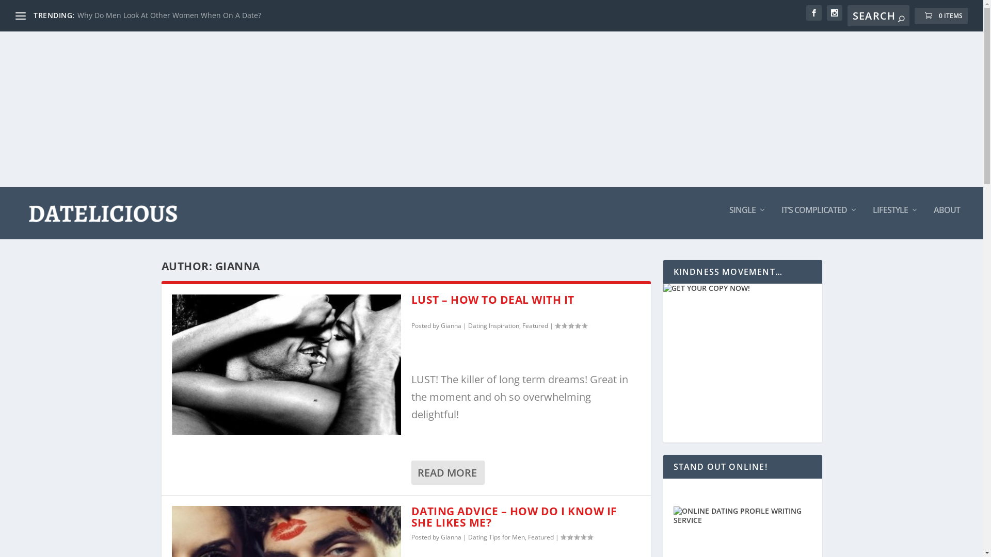  I want to click on 'READ MORE', so click(447, 472).